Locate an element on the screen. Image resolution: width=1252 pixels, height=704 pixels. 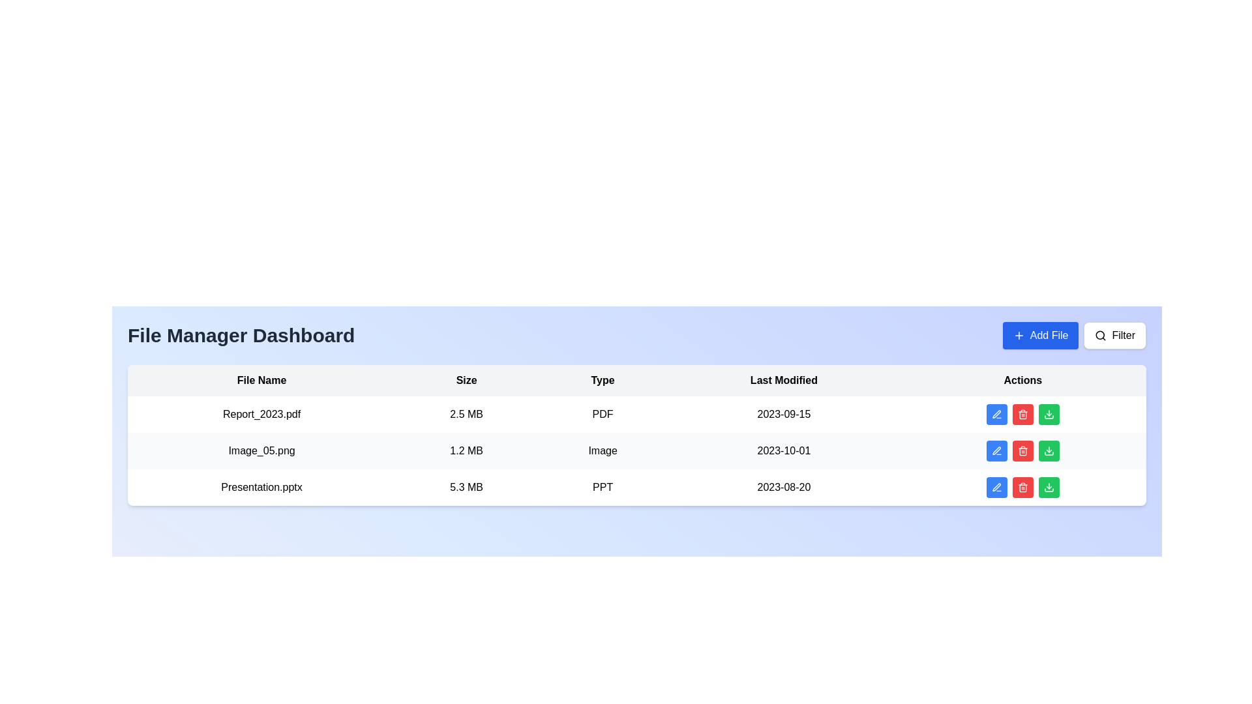
keyboard navigation is located at coordinates (1074, 335).